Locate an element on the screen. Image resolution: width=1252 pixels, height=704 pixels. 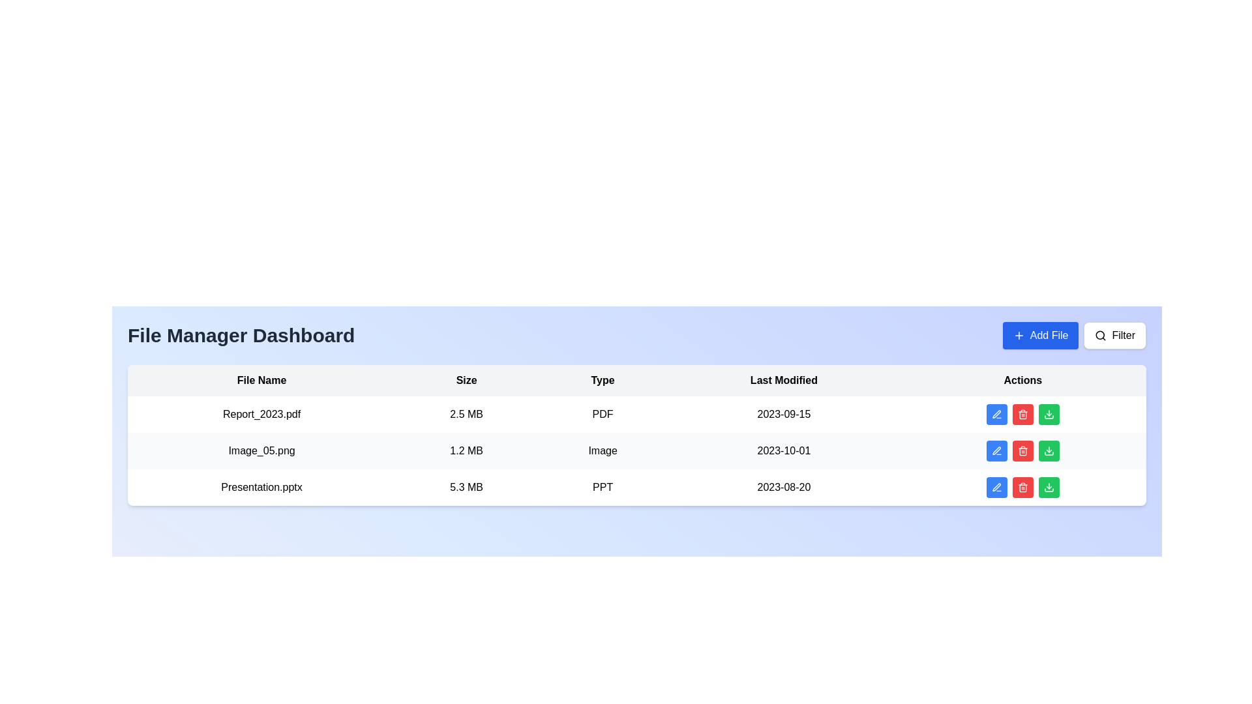
keyboard navigation is located at coordinates (1074, 335).